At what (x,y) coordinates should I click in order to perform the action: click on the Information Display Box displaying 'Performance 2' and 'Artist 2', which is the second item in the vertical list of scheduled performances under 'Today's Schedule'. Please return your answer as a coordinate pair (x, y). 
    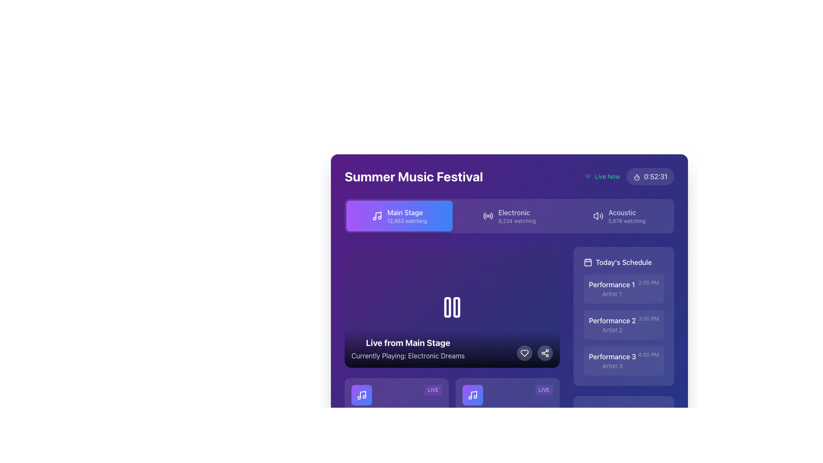
    Looking at the image, I should click on (612, 325).